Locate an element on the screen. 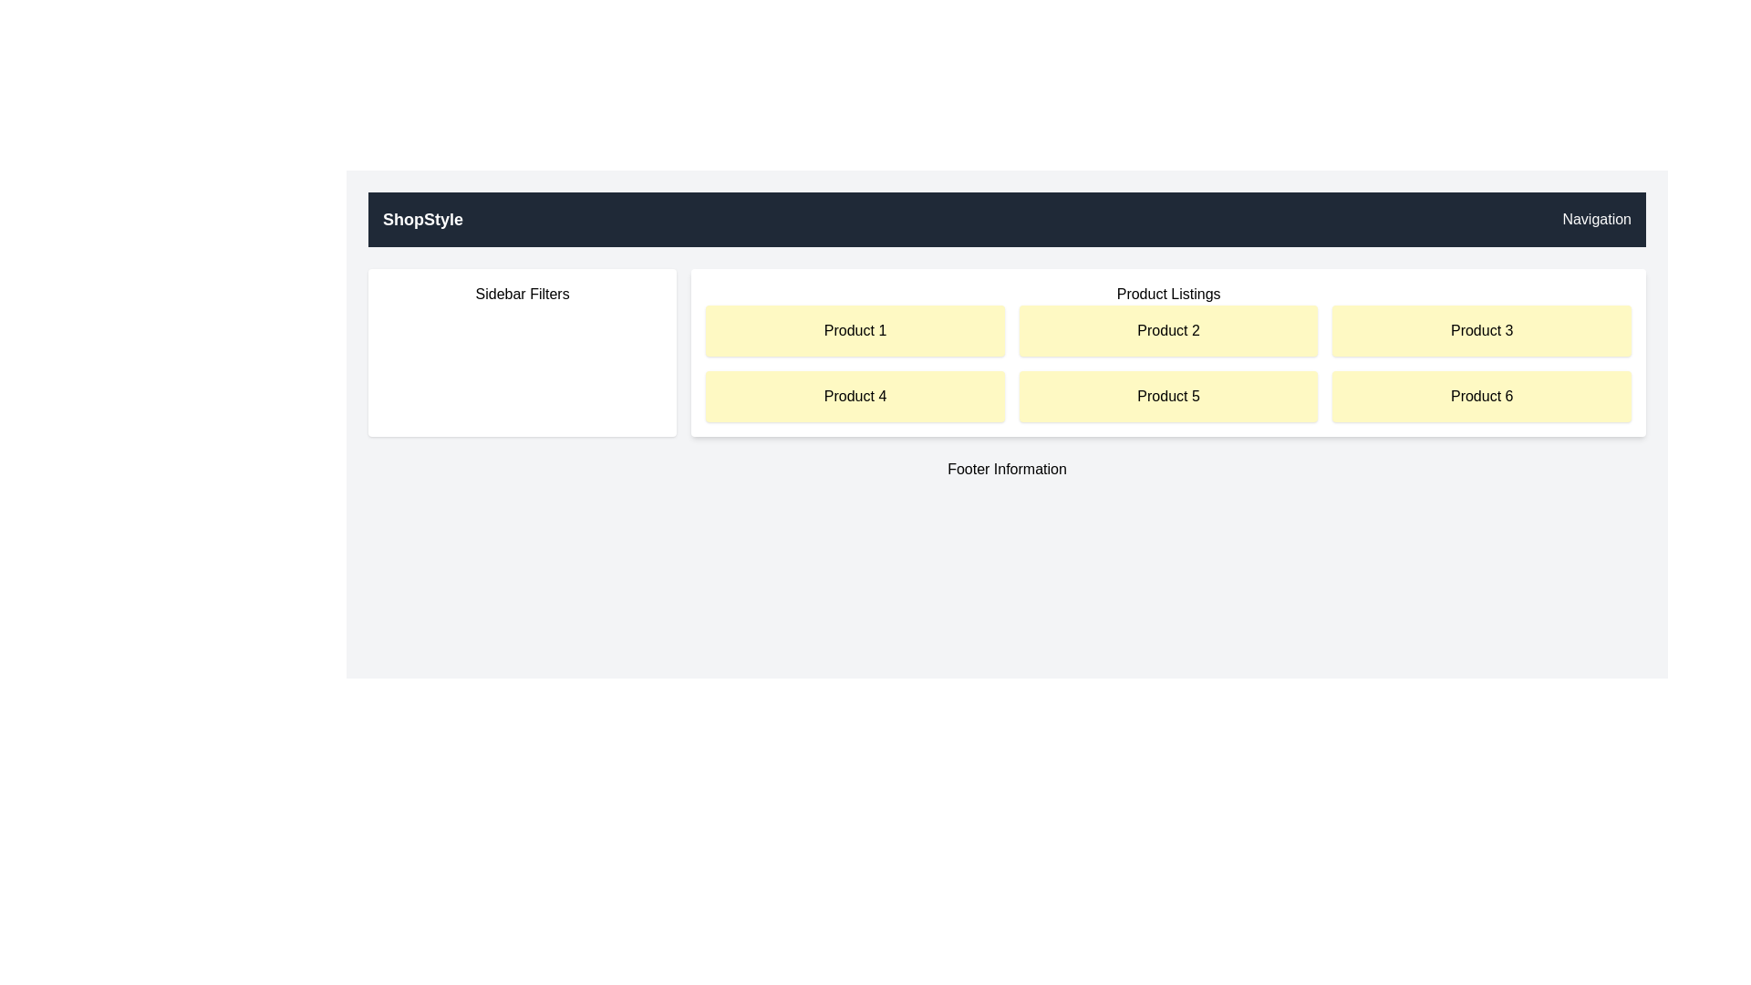 This screenshot has height=985, width=1751. the product listing card displaying 'Product 1', which is the top-left item in the grid layout is located at coordinates (855, 330).